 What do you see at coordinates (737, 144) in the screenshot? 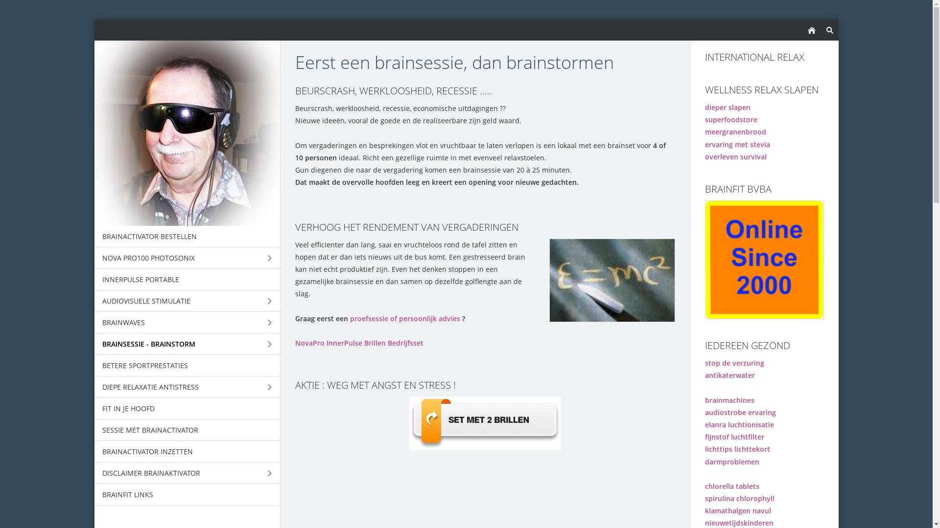
I see `'ervaring met stevia'` at bounding box center [737, 144].